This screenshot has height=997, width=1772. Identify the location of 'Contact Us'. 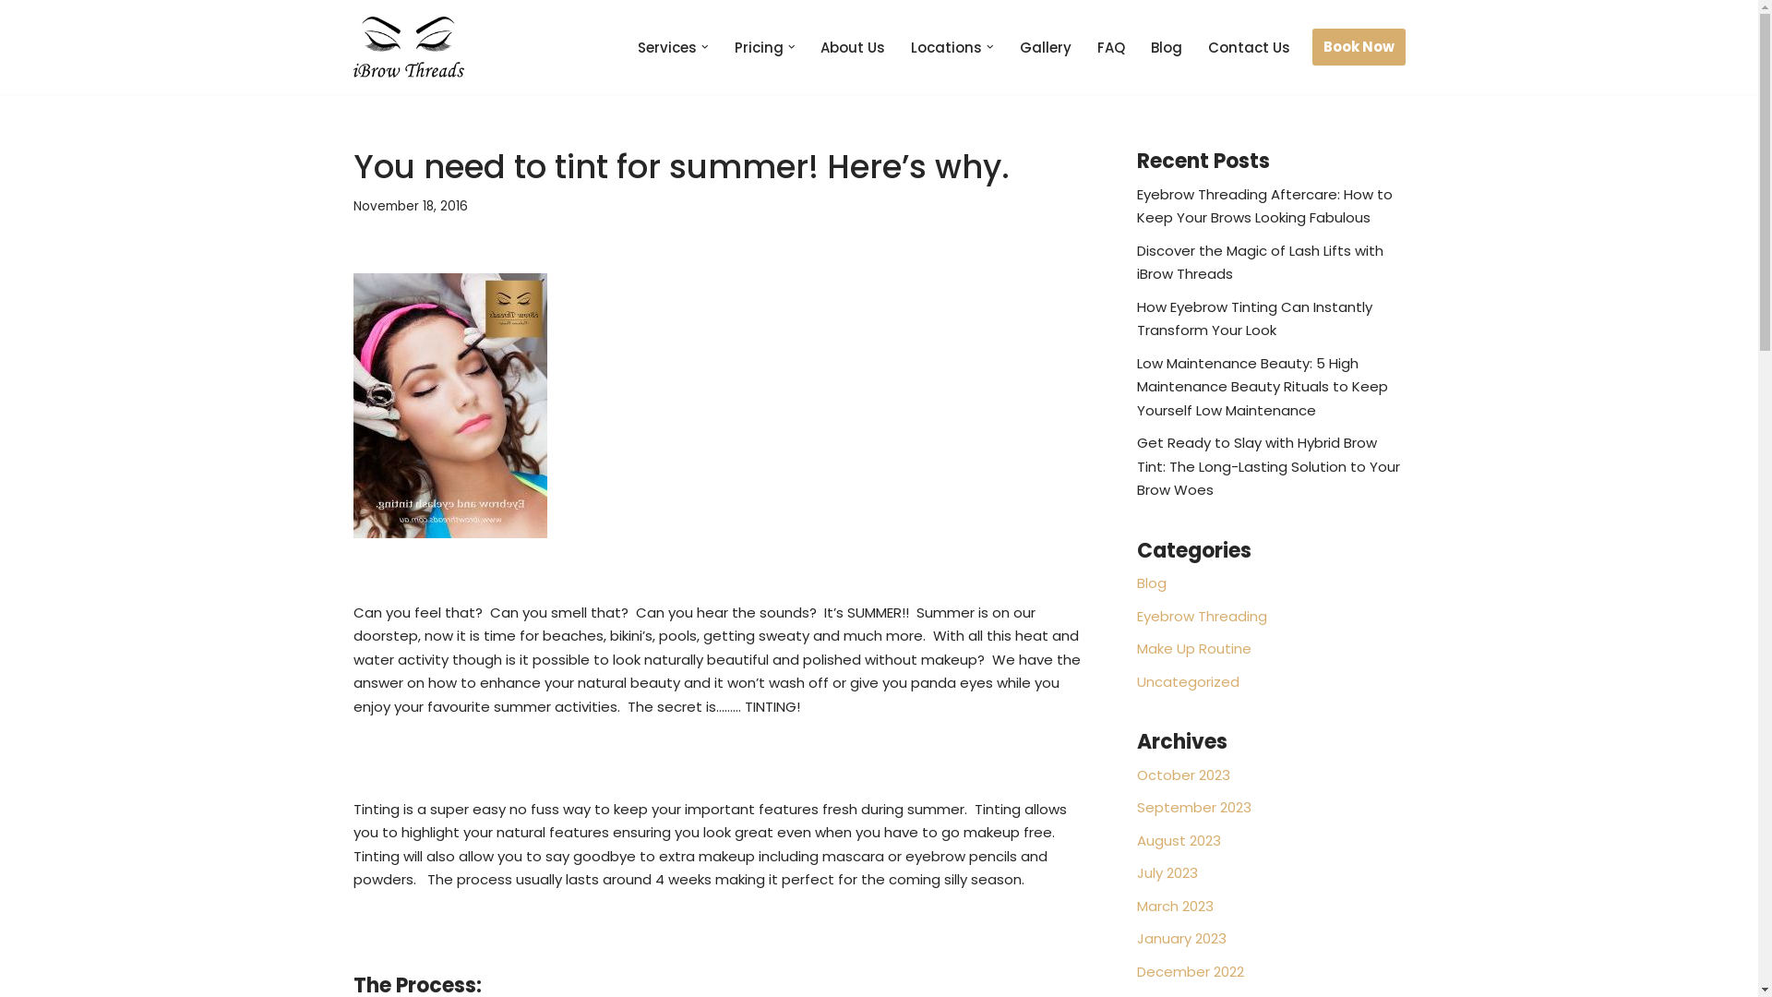
(1248, 46).